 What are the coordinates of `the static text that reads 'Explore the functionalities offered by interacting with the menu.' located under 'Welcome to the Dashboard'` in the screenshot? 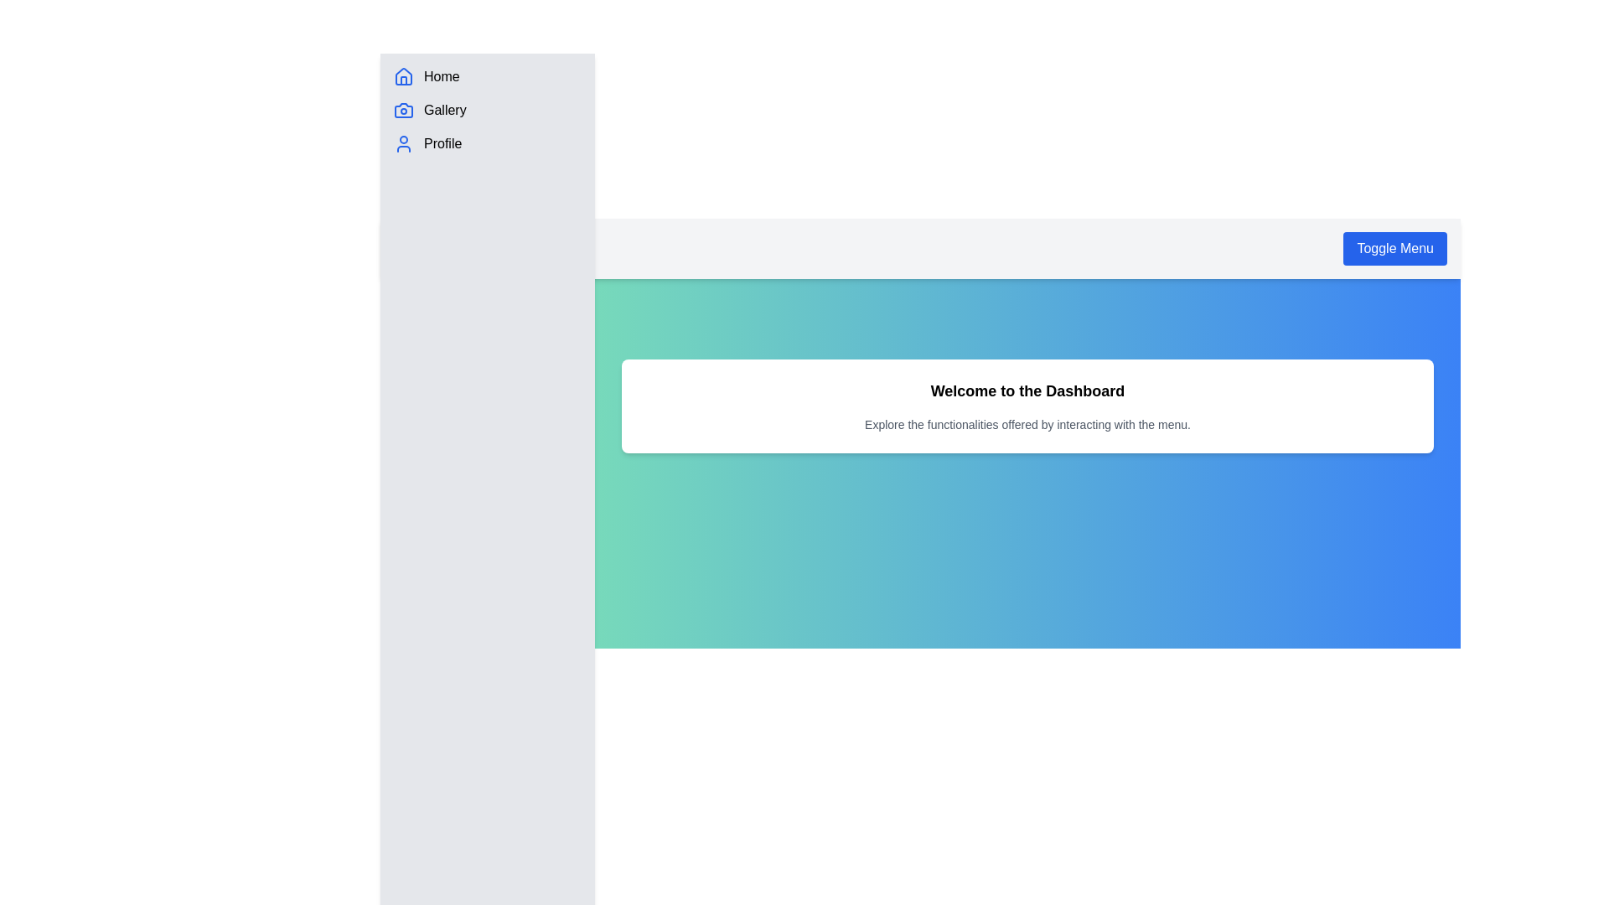 It's located at (1027, 423).